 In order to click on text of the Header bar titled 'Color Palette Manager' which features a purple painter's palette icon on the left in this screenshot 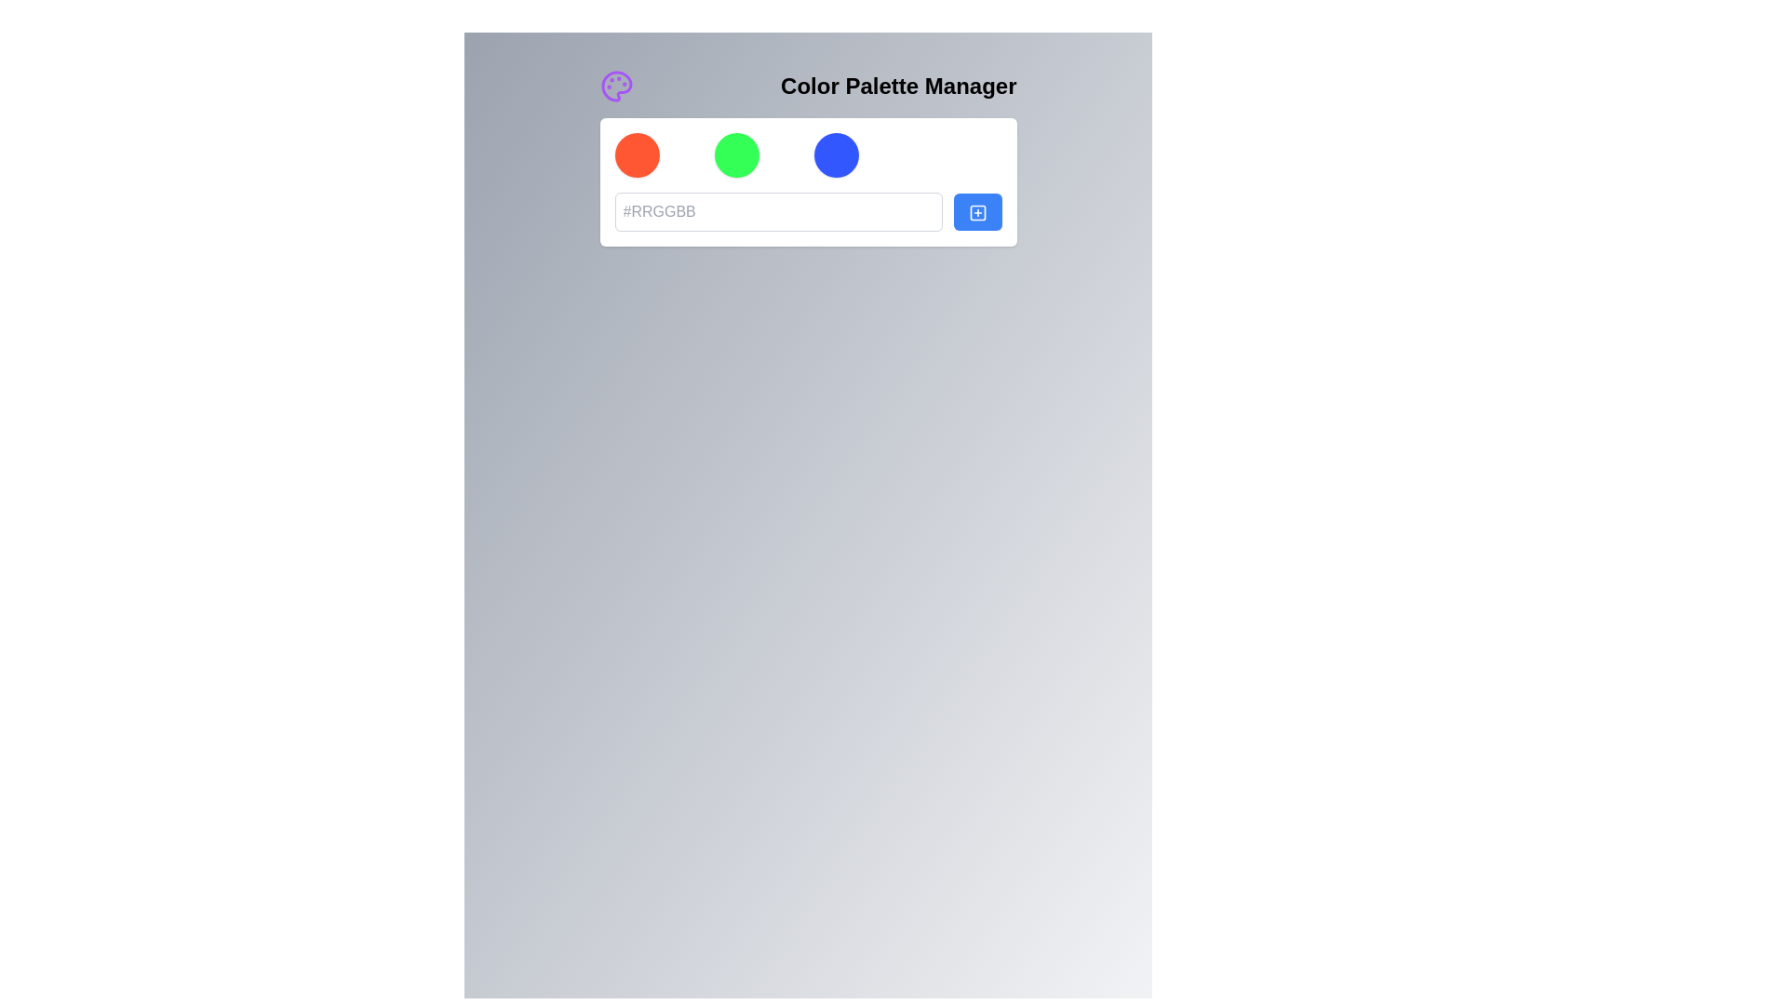, I will do `click(808, 86)`.